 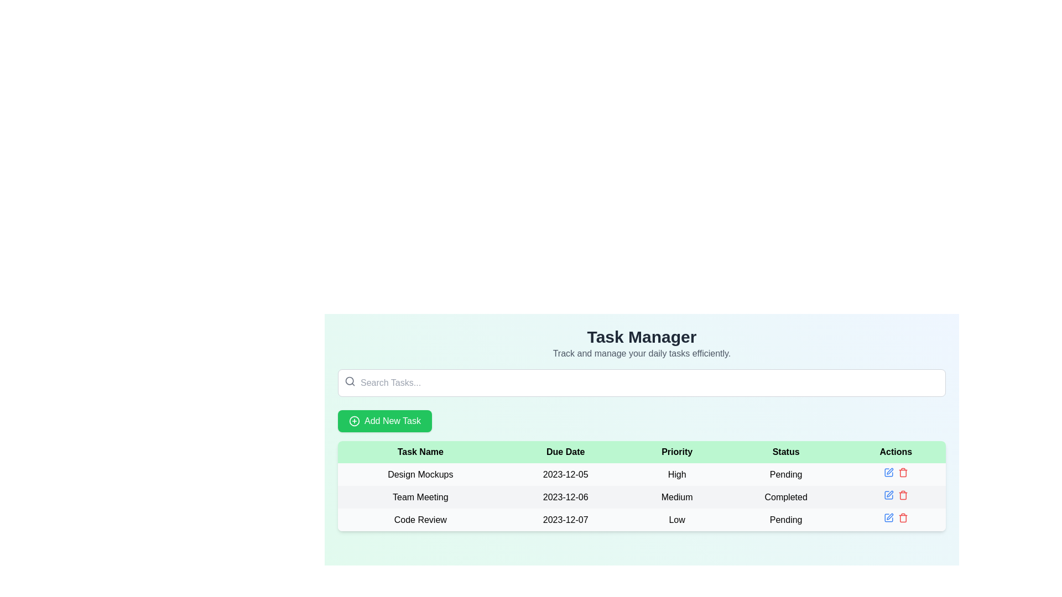 I want to click on the 'Actions' text label, which is a rectangular text field with a light green background and bold black text, located at the right end of the header row of a task table, so click(x=896, y=452).